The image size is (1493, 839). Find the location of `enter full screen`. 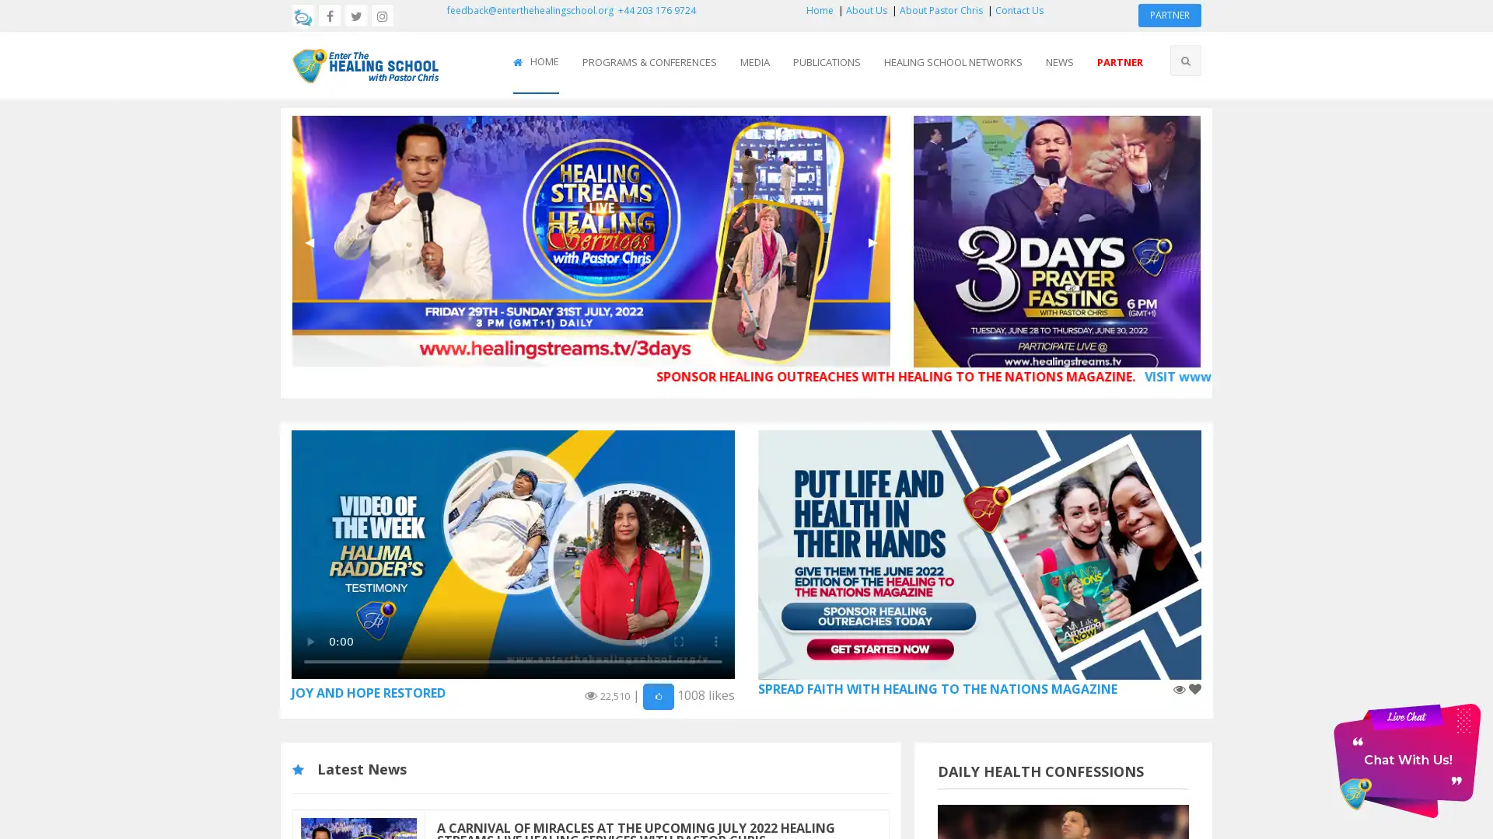

enter full screen is located at coordinates (679, 641).